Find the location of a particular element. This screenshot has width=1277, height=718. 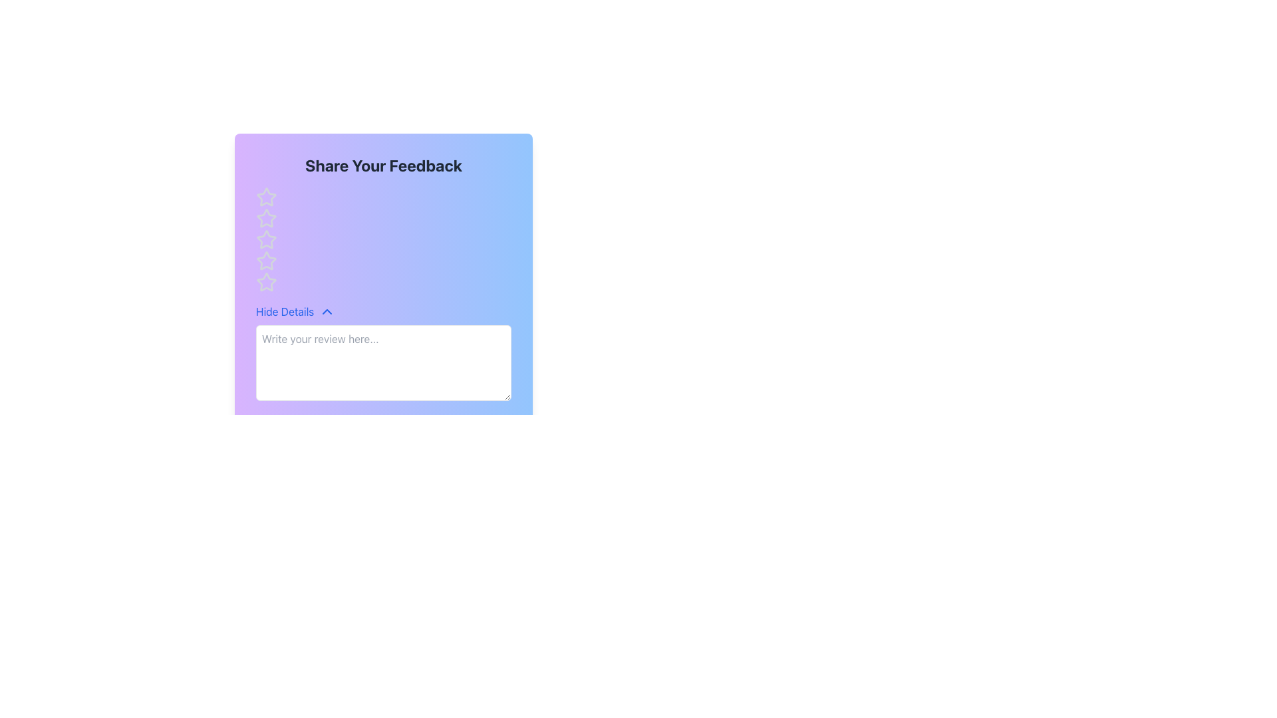

the third star in the vertical alignment of the five-star rating component is located at coordinates (266, 261).